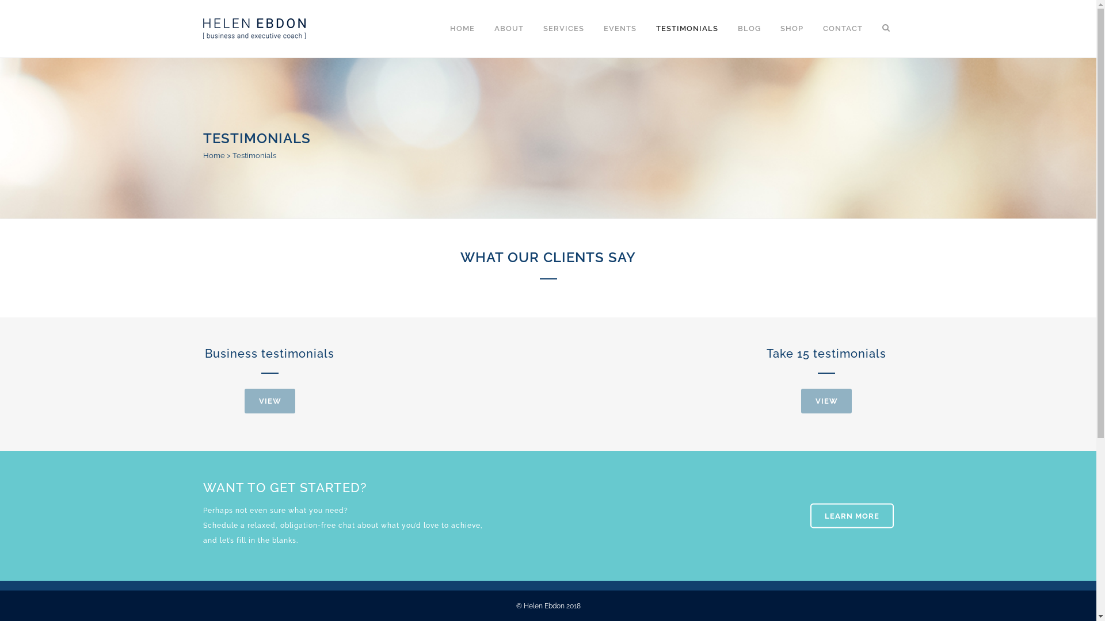  What do you see at coordinates (790, 28) in the screenshot?
I see `'SHOP'` at bounding box center [790, 28].